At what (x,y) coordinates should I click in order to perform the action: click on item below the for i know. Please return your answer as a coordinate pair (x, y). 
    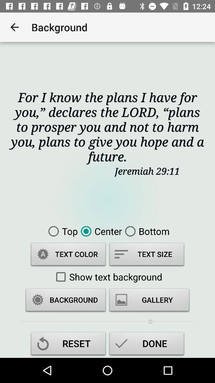
    Looking at the image, I should click on (61, 231).